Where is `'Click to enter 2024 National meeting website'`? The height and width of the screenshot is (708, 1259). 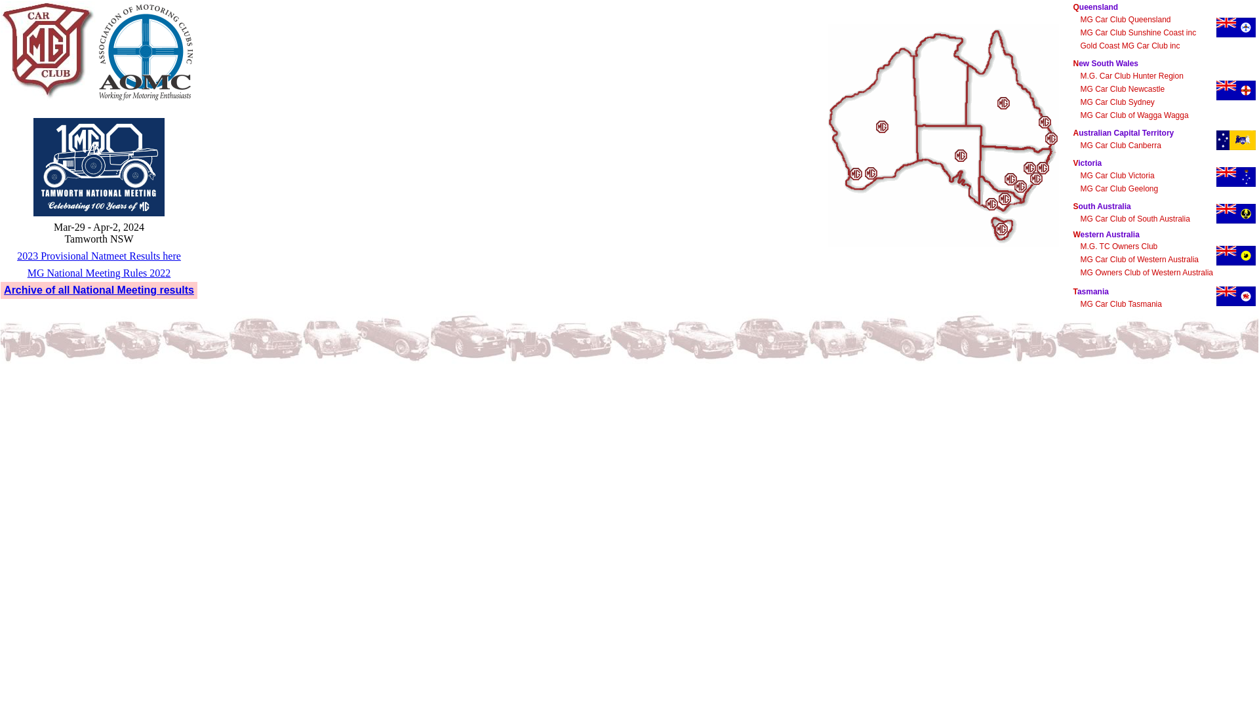 'Click to enter 2024 National meeting website' is located at coordinates (33, 166).